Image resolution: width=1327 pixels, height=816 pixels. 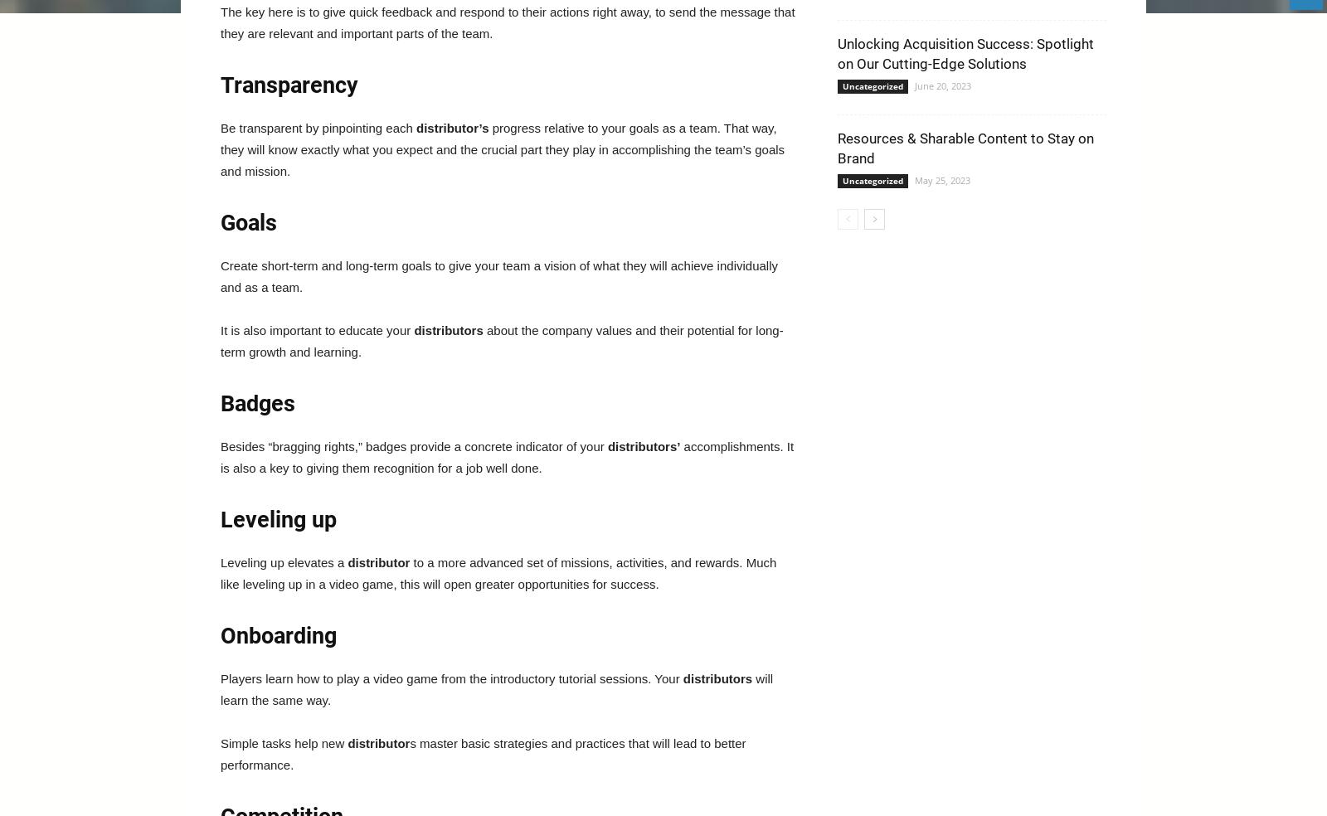 What do you see at coordinates (413, 445) in the screenshot?
I see `'Besides “bragging rights,” badges provide a concrete indicator of your'` at bounding box center [413, 445].